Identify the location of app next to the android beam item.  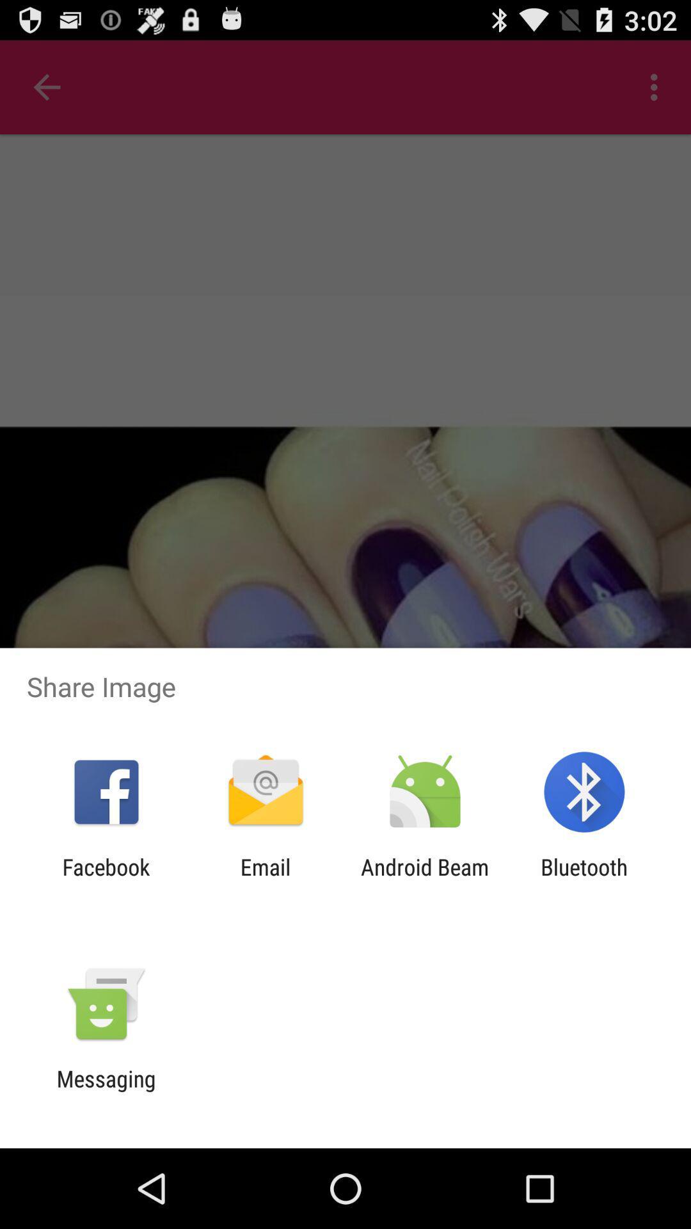
(584, 880).